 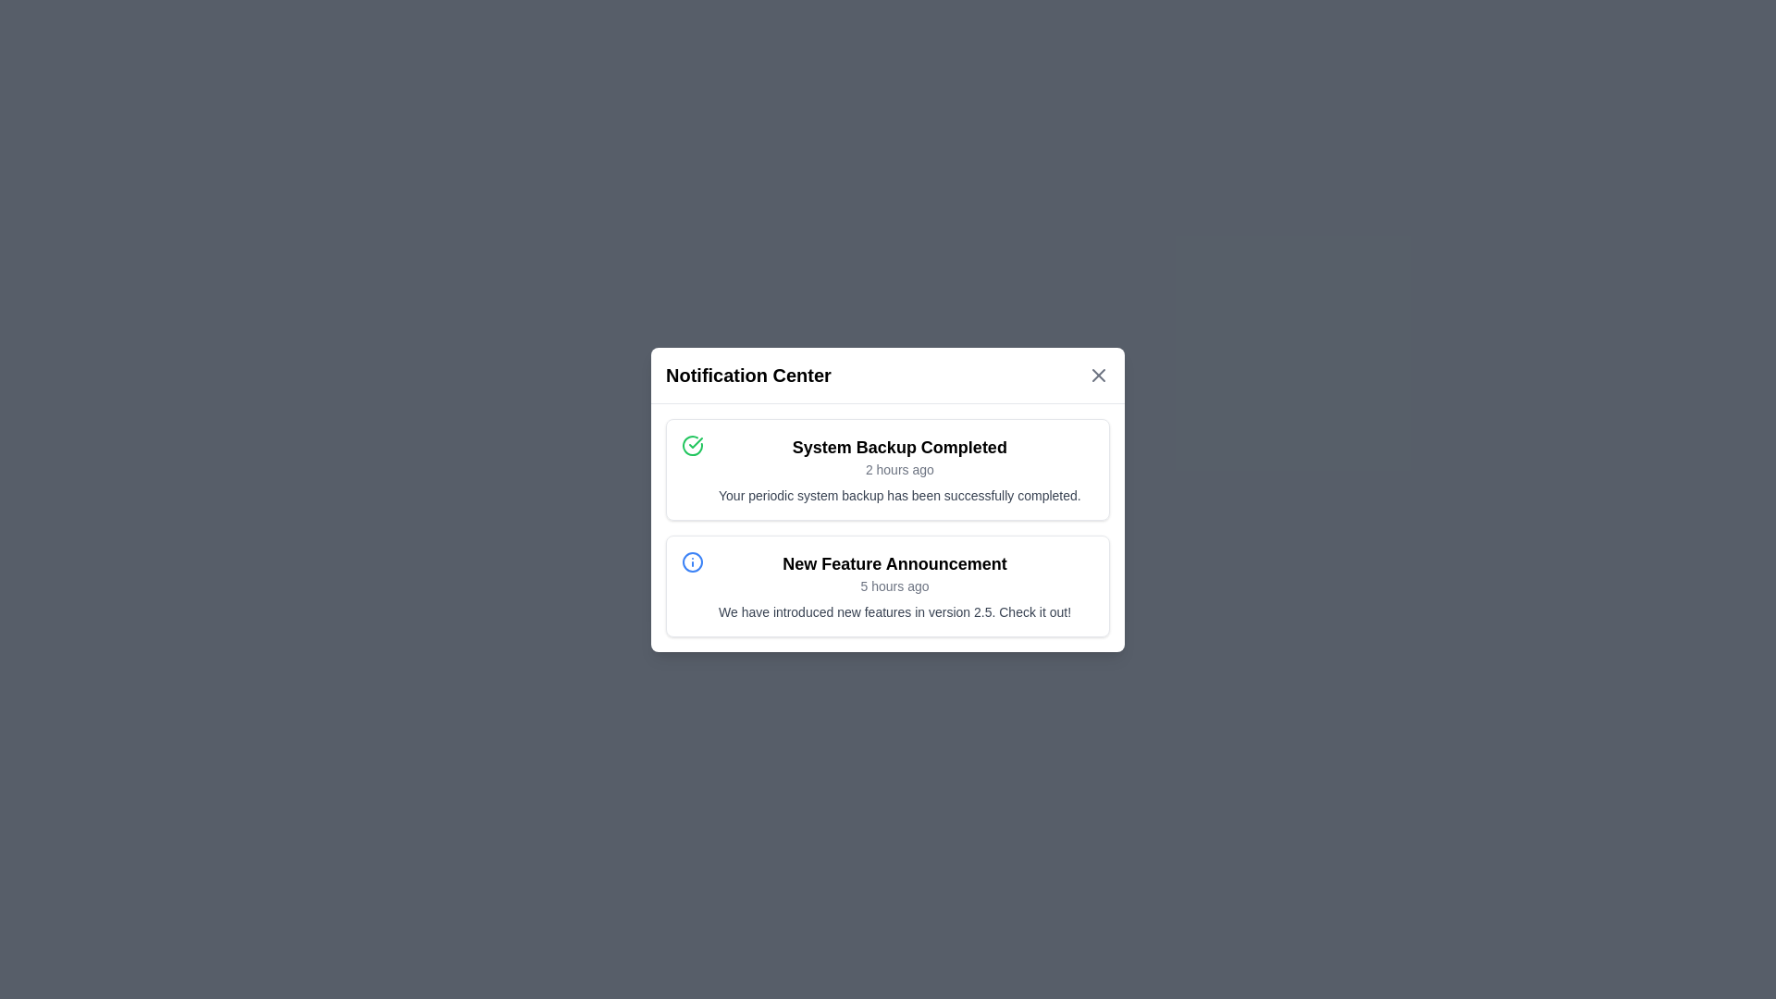 What do you see at coordinates (899, 468) in the screenshot?
I see `timestamp text indicating when the system backup was completed, which is centrally located in the notification card below the title 'System Backup Completed' and above the description text` at bounding box center [899, 468].